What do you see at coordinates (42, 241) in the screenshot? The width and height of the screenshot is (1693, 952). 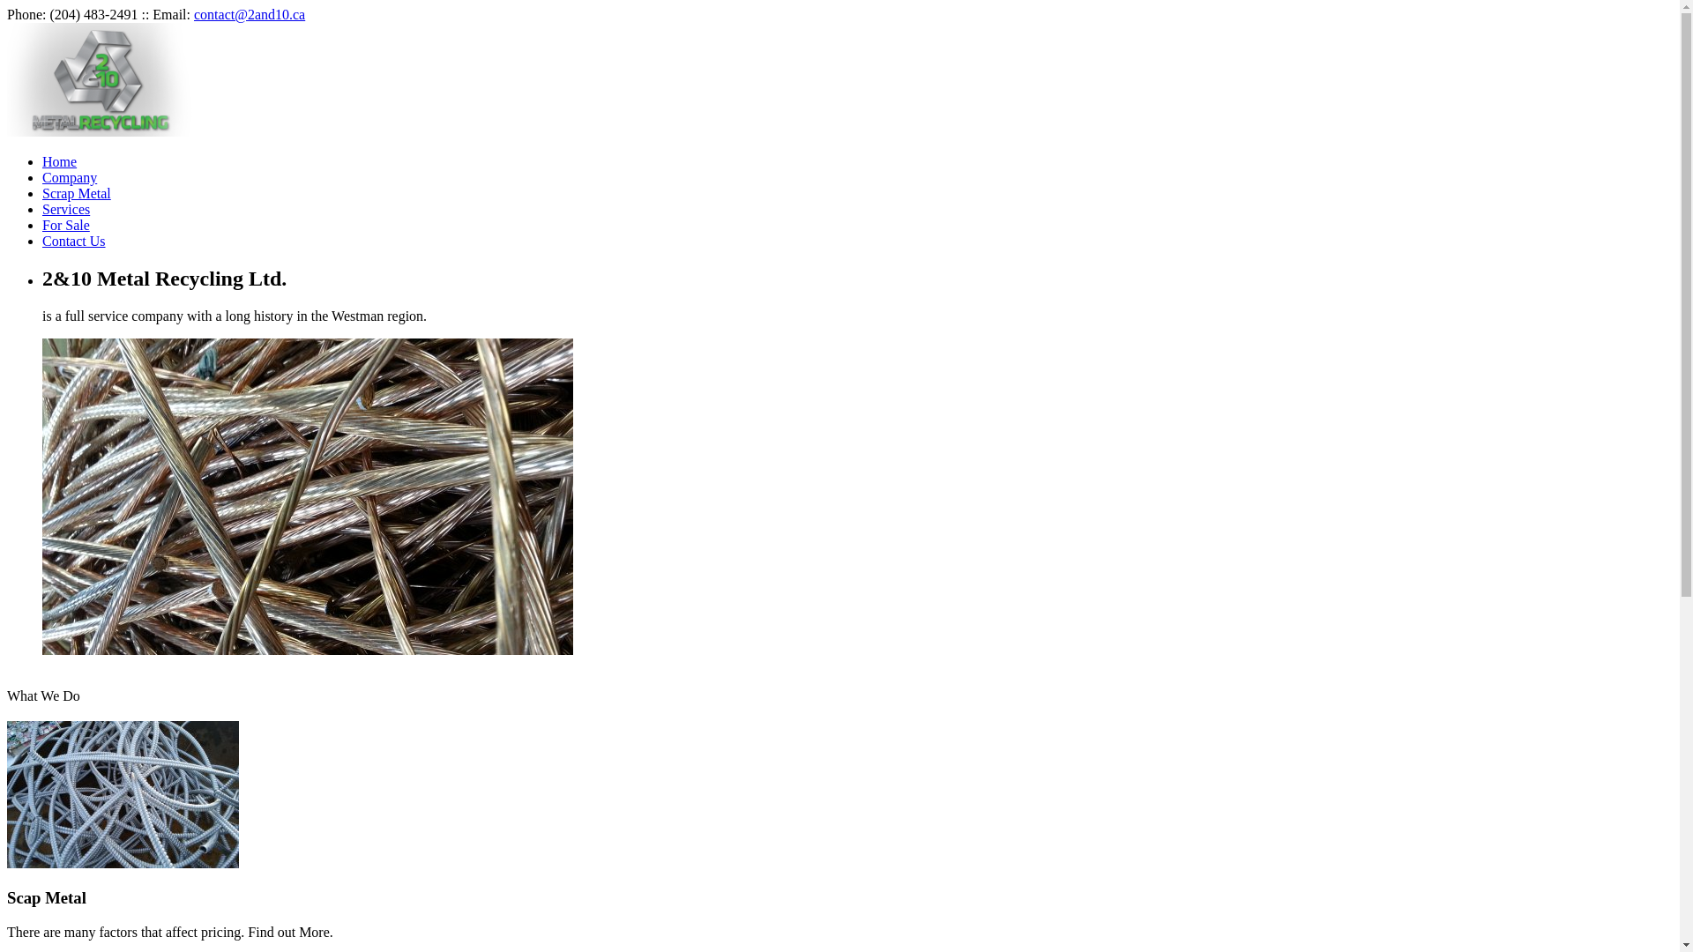 I see `'Contact Us'` at bounding box center [42, 241].